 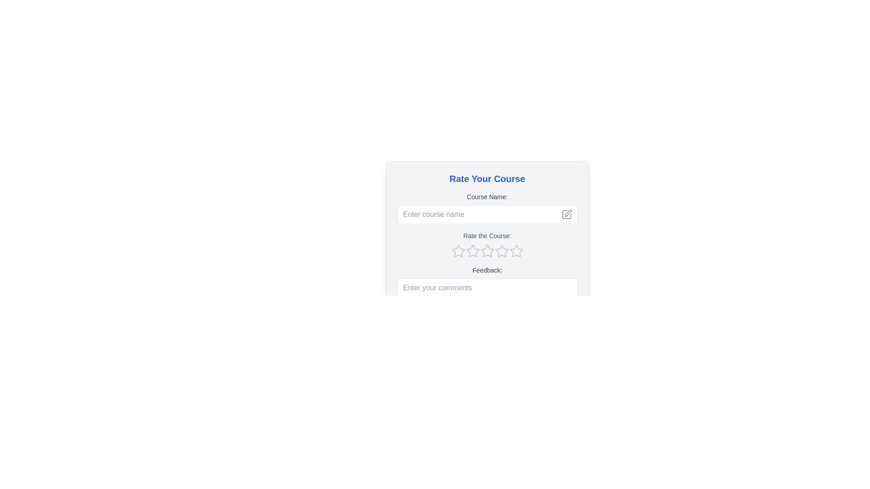 What do you see at coordinates (487, 178) in the screenshot?
I see `the title element that provides context and guidance for the review or feedback section, located at the top of the interface above 'Course Name:'` at bounding box center [487, 178].